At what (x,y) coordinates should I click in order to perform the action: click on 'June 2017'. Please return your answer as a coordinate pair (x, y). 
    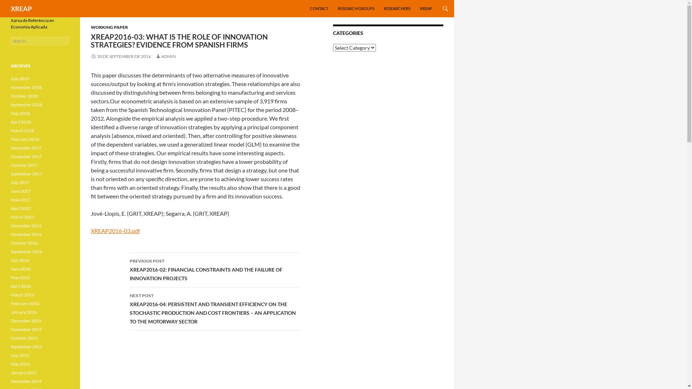
    Looking at the image, I should click on (21, 191).